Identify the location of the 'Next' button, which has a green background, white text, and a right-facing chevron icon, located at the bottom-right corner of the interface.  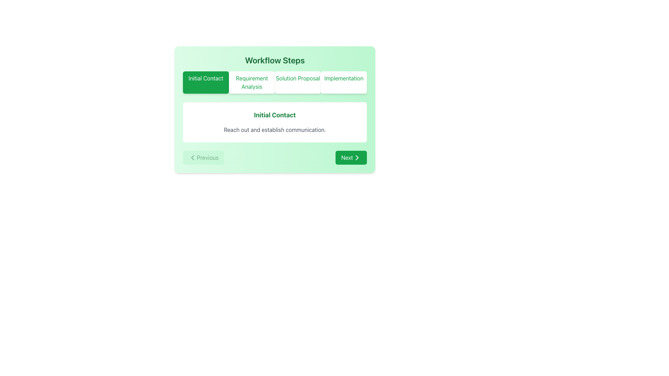
(351, 157).